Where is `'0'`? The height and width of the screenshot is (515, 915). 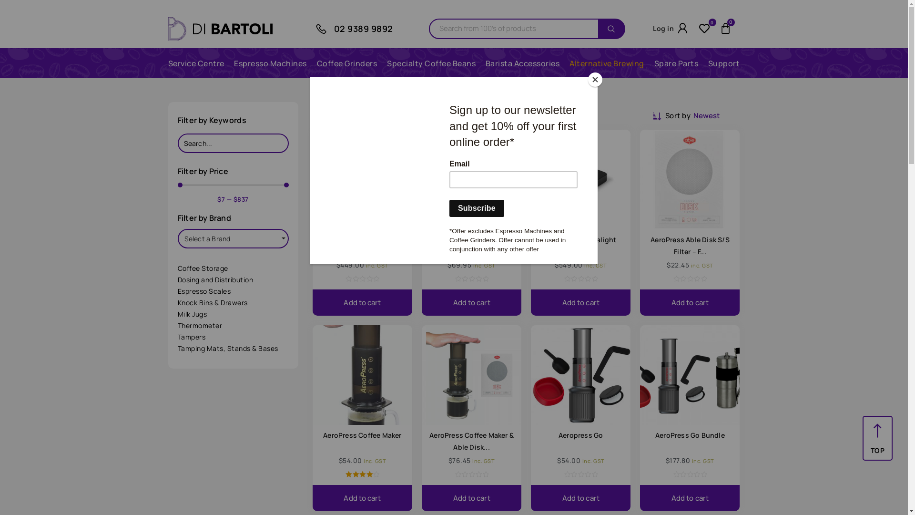 '0' is located at coordinates (707, 28).